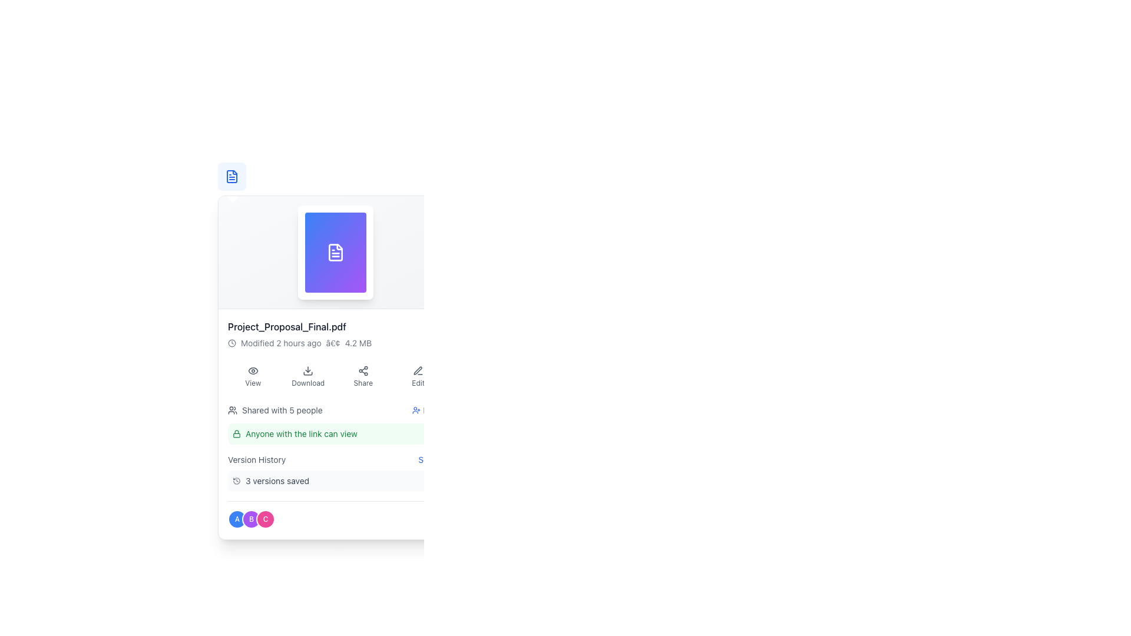 The image size is (1131, 636). What do you see at coordinates (435, 327) in the screenshot?
I see `the favorite button located to the far right of the row containing 'Project_Proposal_Final.pdf', which highlights it for easier access` at bounding box center [435, 327].